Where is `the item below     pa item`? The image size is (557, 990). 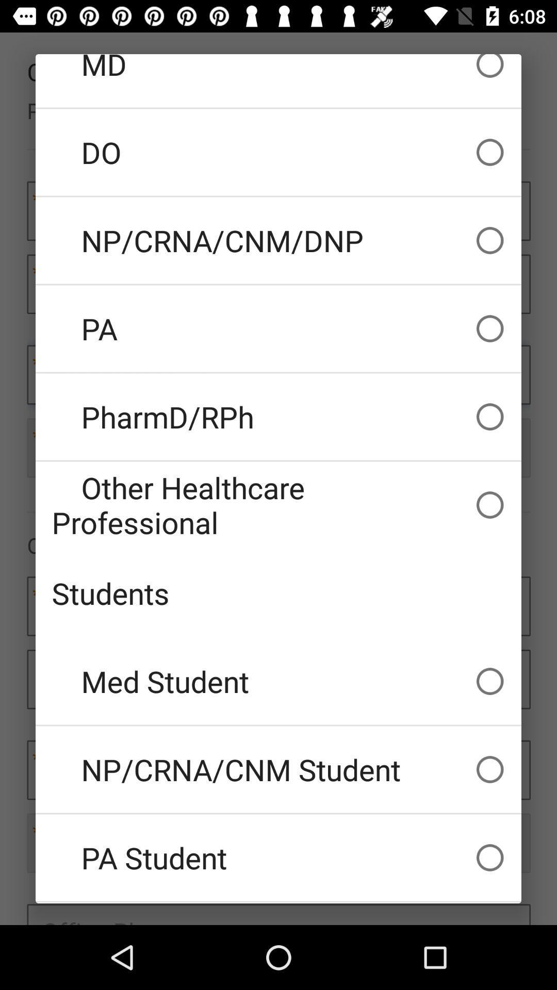 the item below     pa item is located at coordinates (278, 417).